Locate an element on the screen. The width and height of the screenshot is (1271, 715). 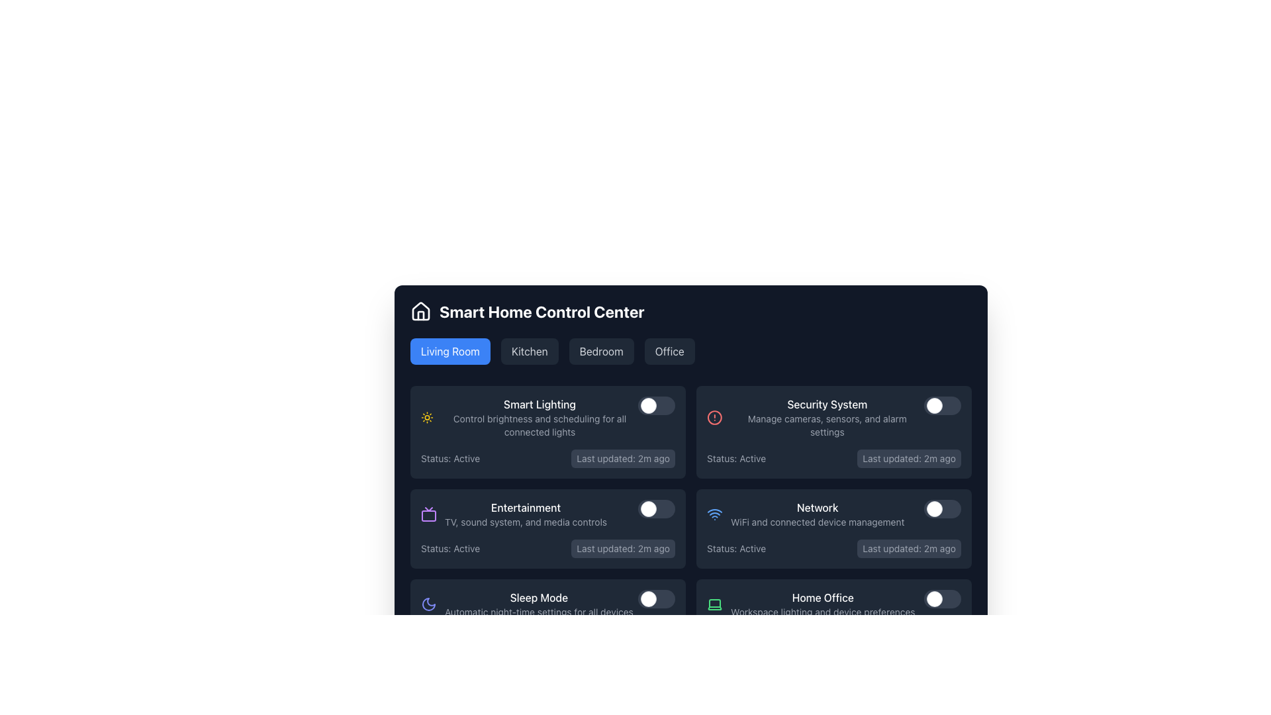
the 'Living Room' category button located at the top-left of the card under the 'Smart Home Control Center' title is located at coordinates (450, 351).